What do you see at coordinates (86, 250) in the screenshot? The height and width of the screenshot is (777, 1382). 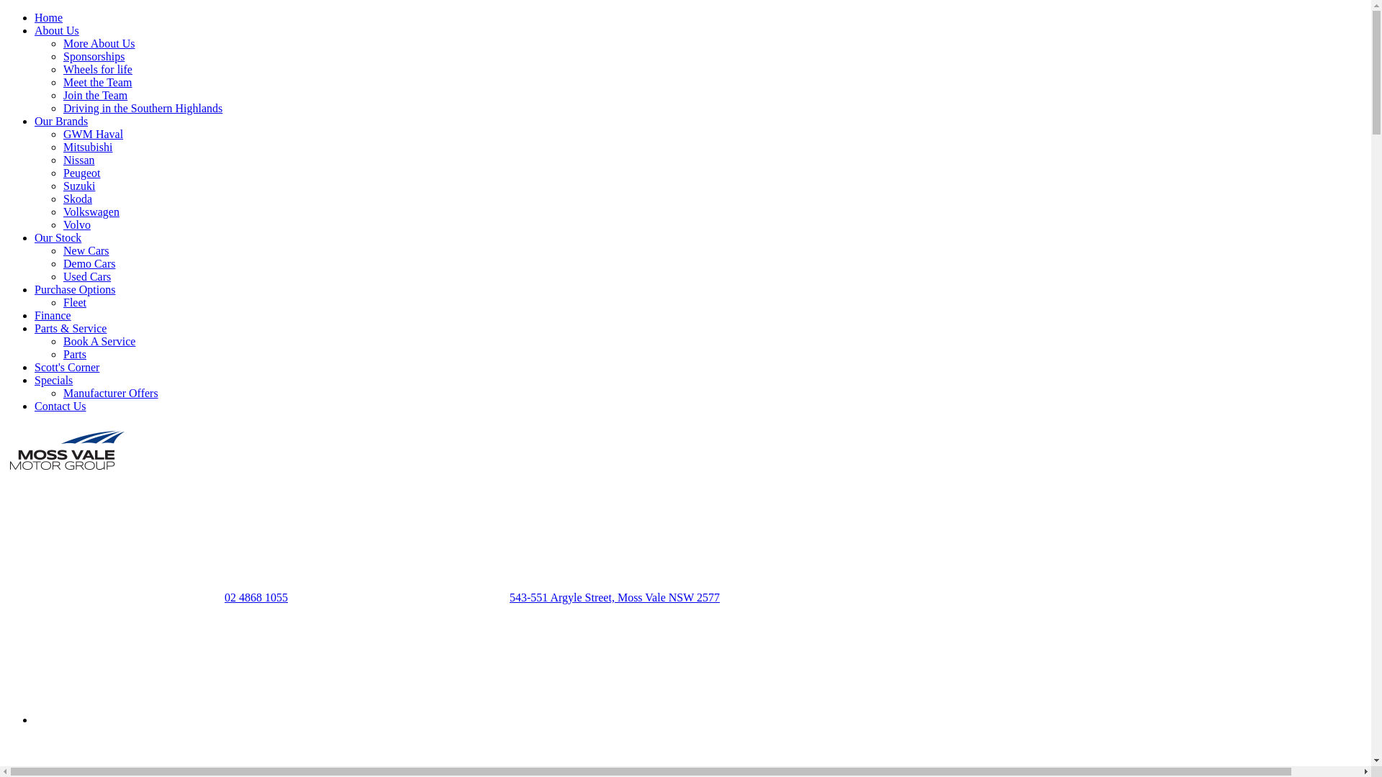 I see `'New Cars'` at bounding box center [86, 250].